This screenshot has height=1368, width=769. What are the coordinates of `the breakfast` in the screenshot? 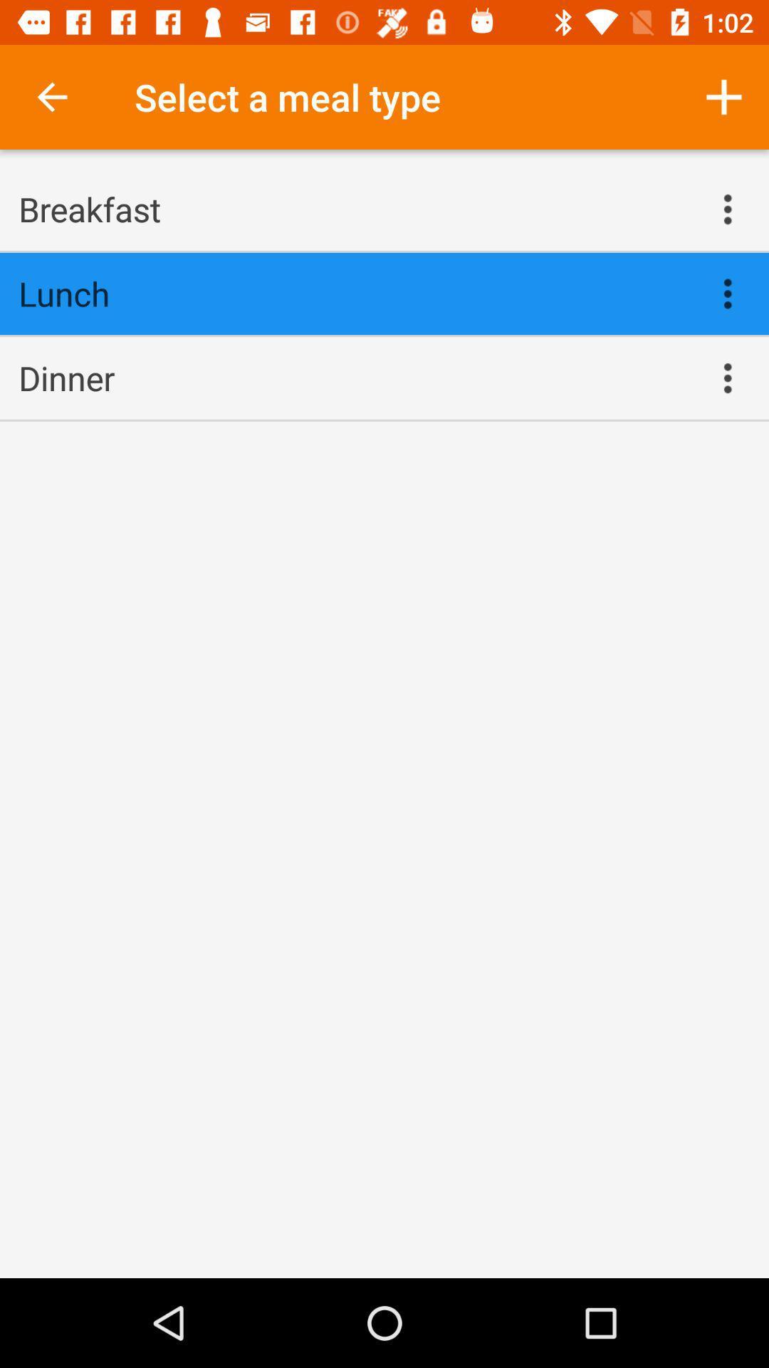 It's located at (352, 208).